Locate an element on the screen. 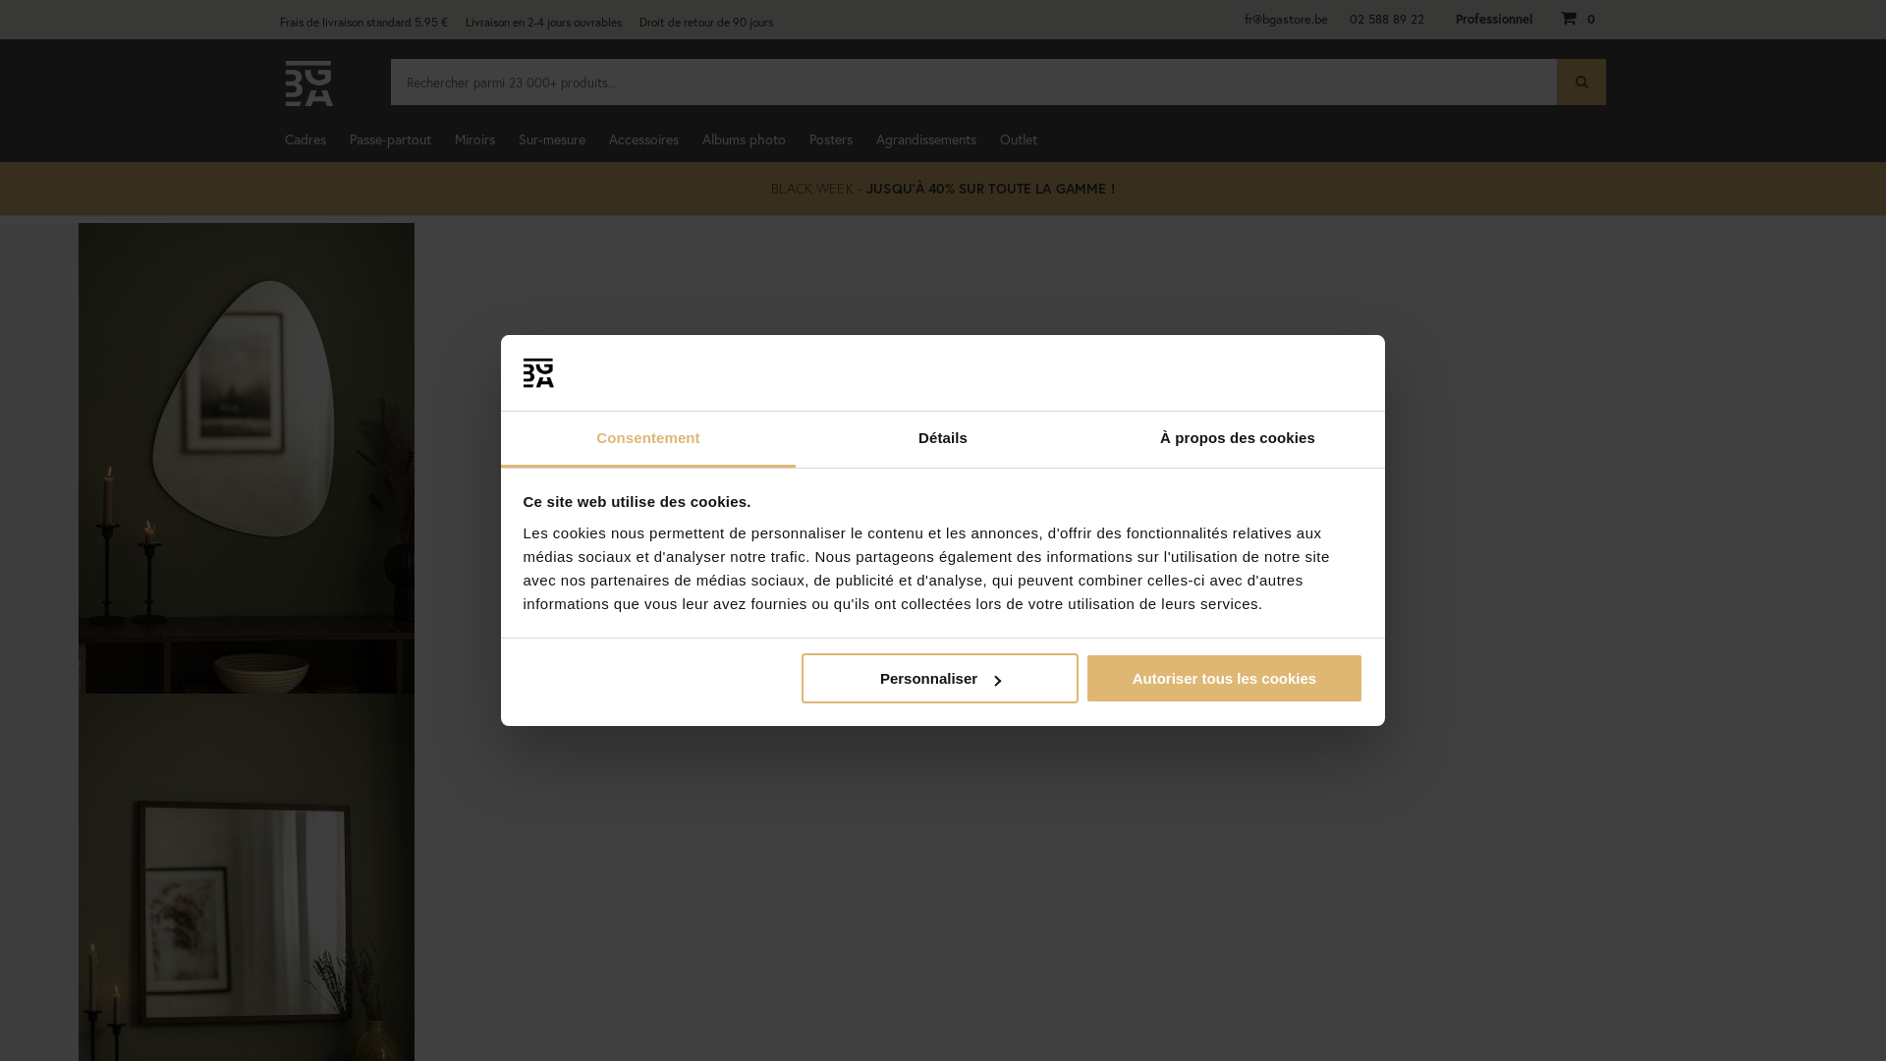 The width and height of the screenshot is (1886, 1061). 'Consentement' is located at coordinates (648, 438).